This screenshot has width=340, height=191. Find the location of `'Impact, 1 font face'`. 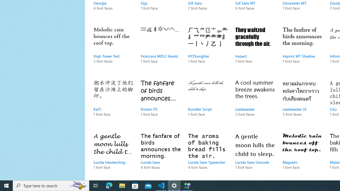

'Impact, 1 font face' is located at coordinates (255, 50).